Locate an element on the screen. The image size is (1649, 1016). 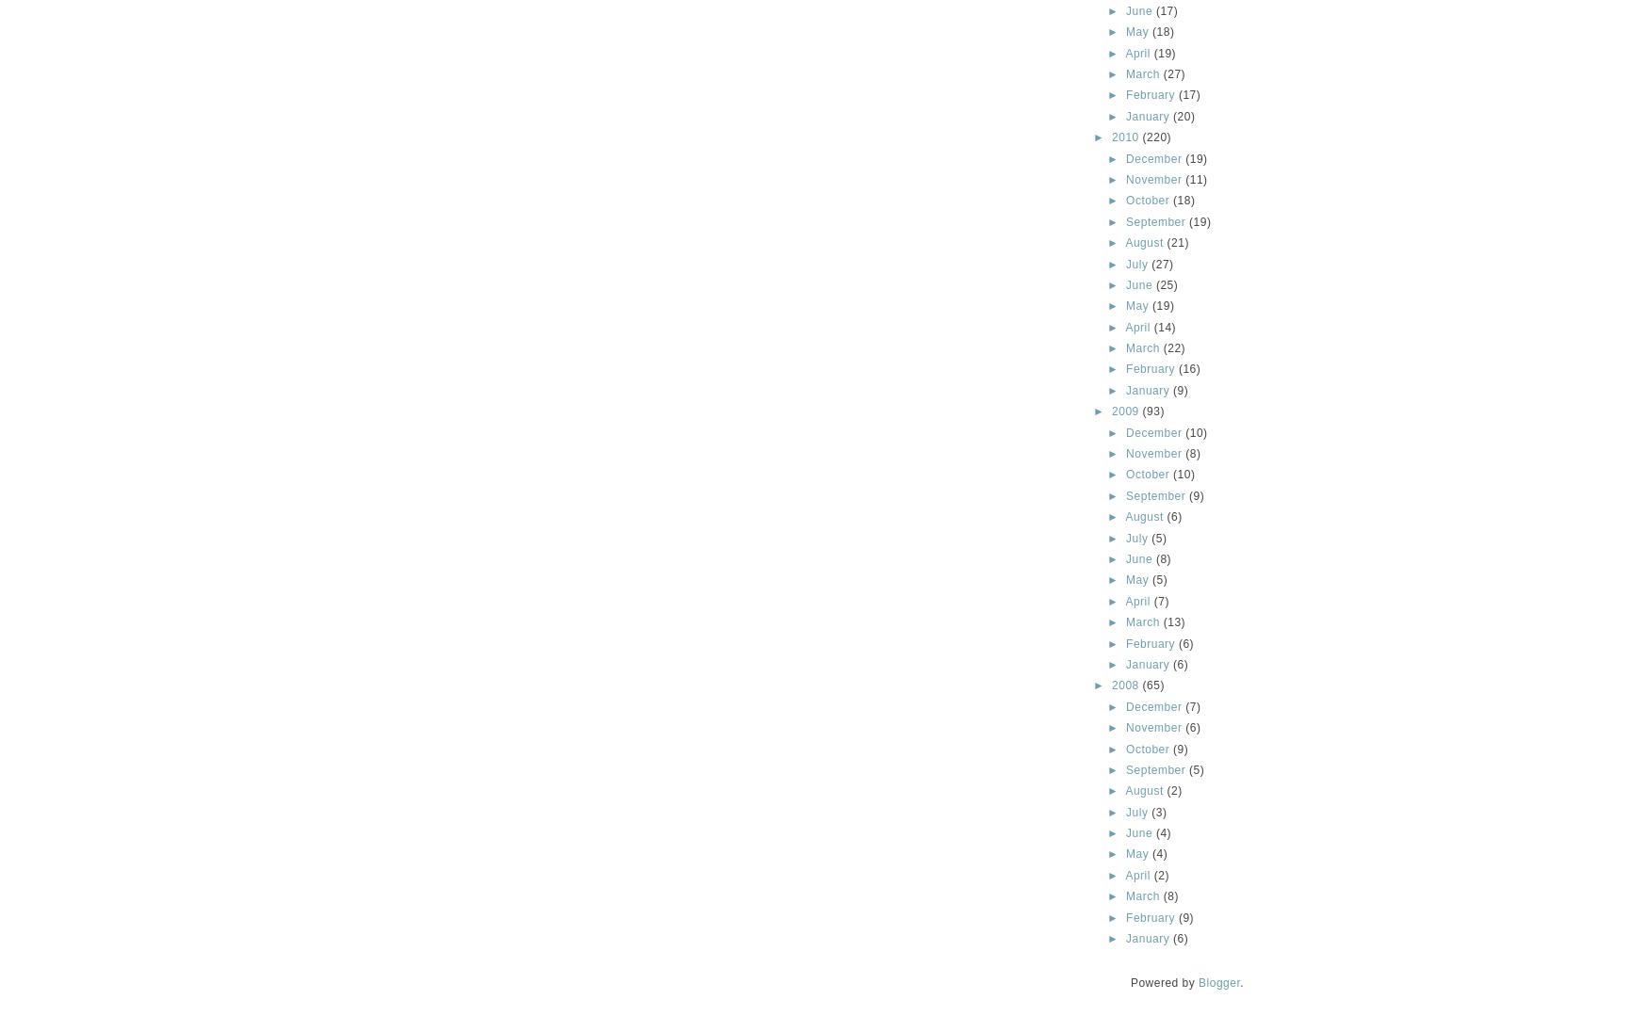
'(21)' is located at coordinates (1166, 242).